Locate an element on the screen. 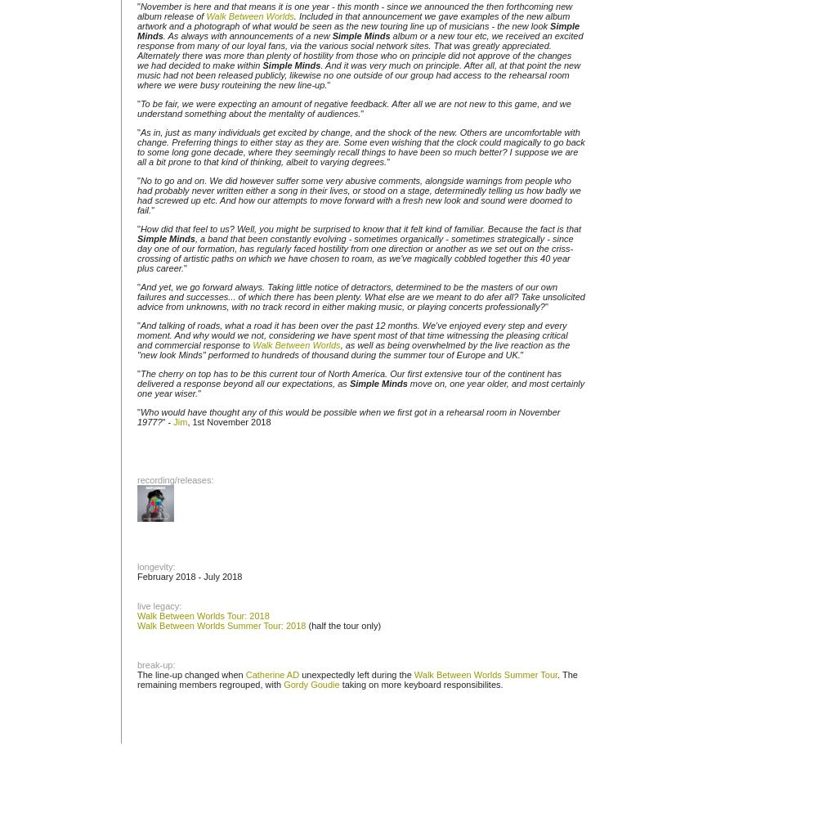 The width and height of the screenshot is (837, 818). 'And talking of roads, what a road it has been over the past 12 months. We've enjoyed every step and every moment.
And why would we not, considering we have spent most of that time witnessing the pleasing critical and commercial
response to' is located at coordinates (352, 335).